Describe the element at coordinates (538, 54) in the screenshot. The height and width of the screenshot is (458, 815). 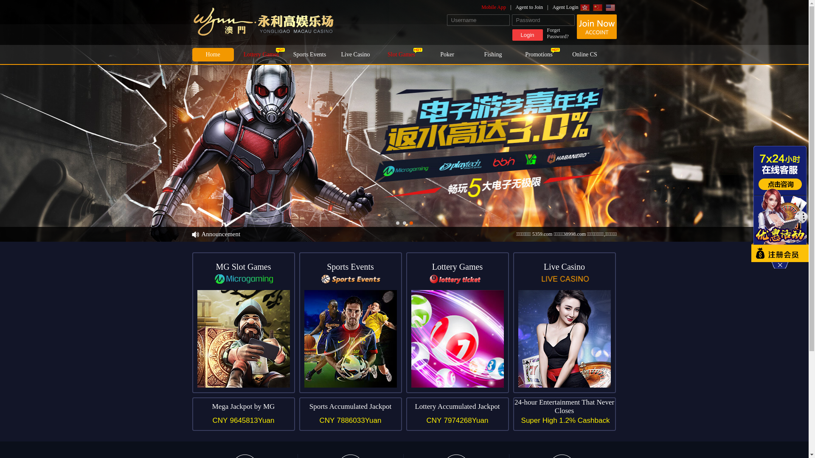
I see `'Promotions'` at that location.